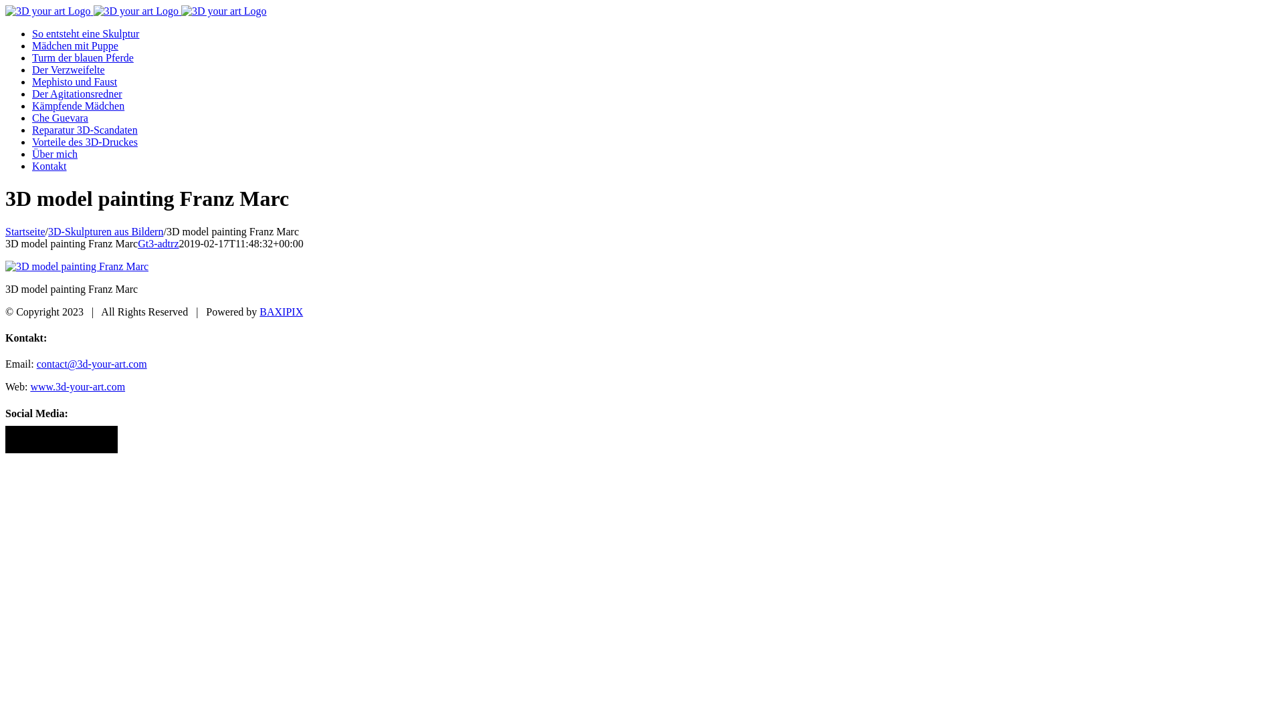 The image size is (1284, 722). Describe the element at coordinates (280, 312) in the screenshot. I see `'BAXIPIX'` at that location.